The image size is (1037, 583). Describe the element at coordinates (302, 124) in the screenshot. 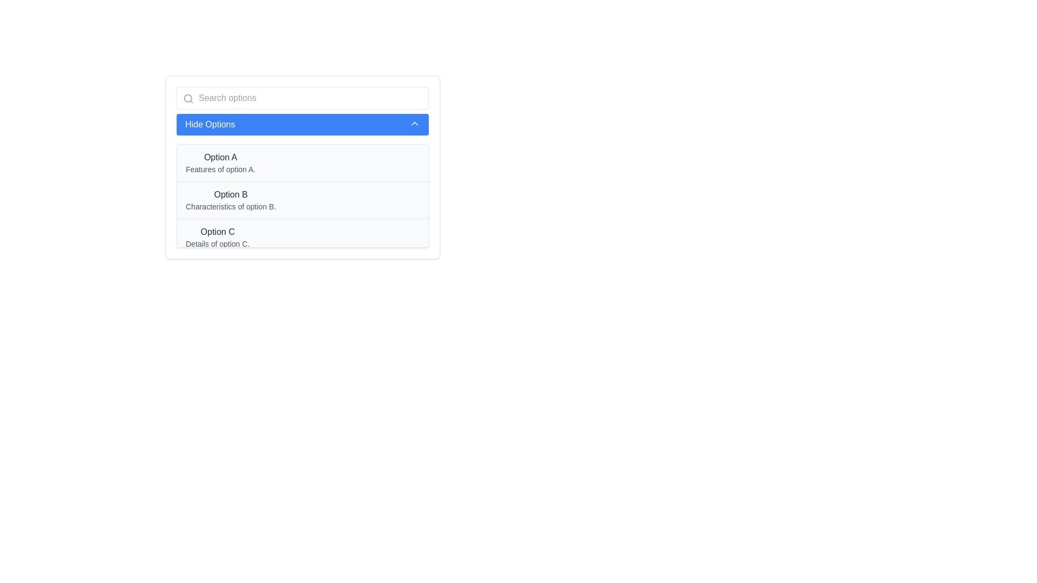

I see `the central collapse button located below the search bar to hide the currently displayed options` at that location.